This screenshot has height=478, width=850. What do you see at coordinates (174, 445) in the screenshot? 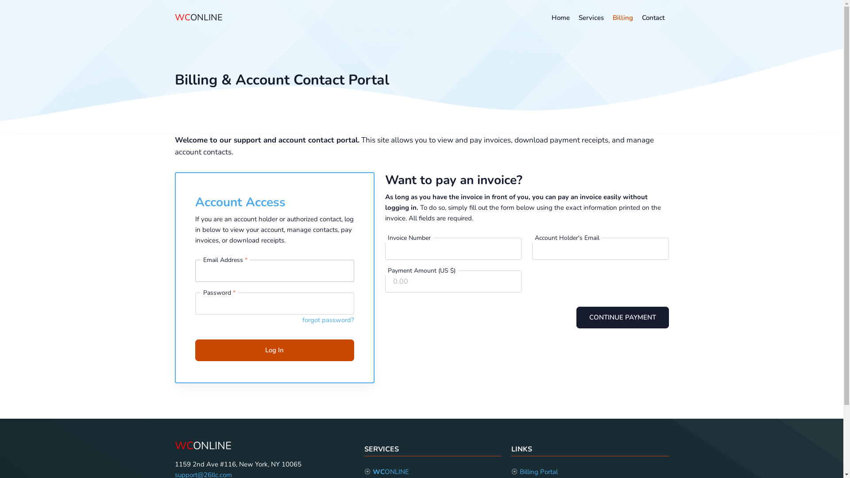
I see `'WCONLINE'` at bounding box center [174, 445].